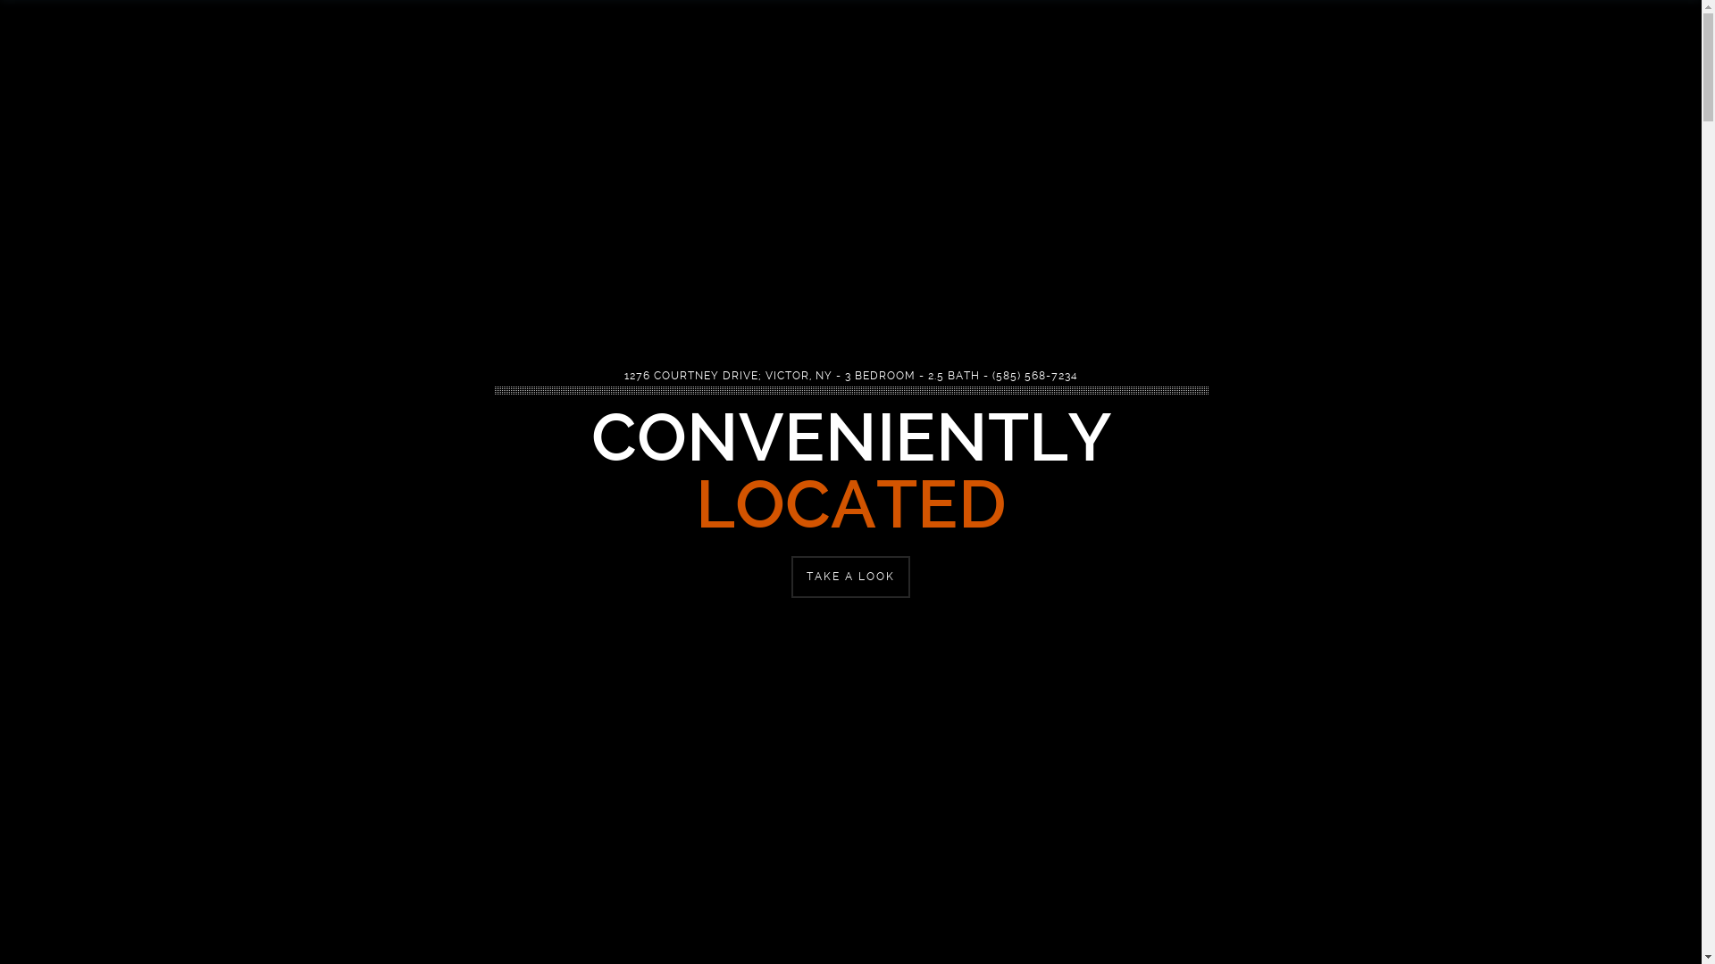 The height and width of the screenshot is (964, 1715). Describe the element at coordinates (849, 577) in the screenshot. I see `'TAKE A LOOK'` at that location.